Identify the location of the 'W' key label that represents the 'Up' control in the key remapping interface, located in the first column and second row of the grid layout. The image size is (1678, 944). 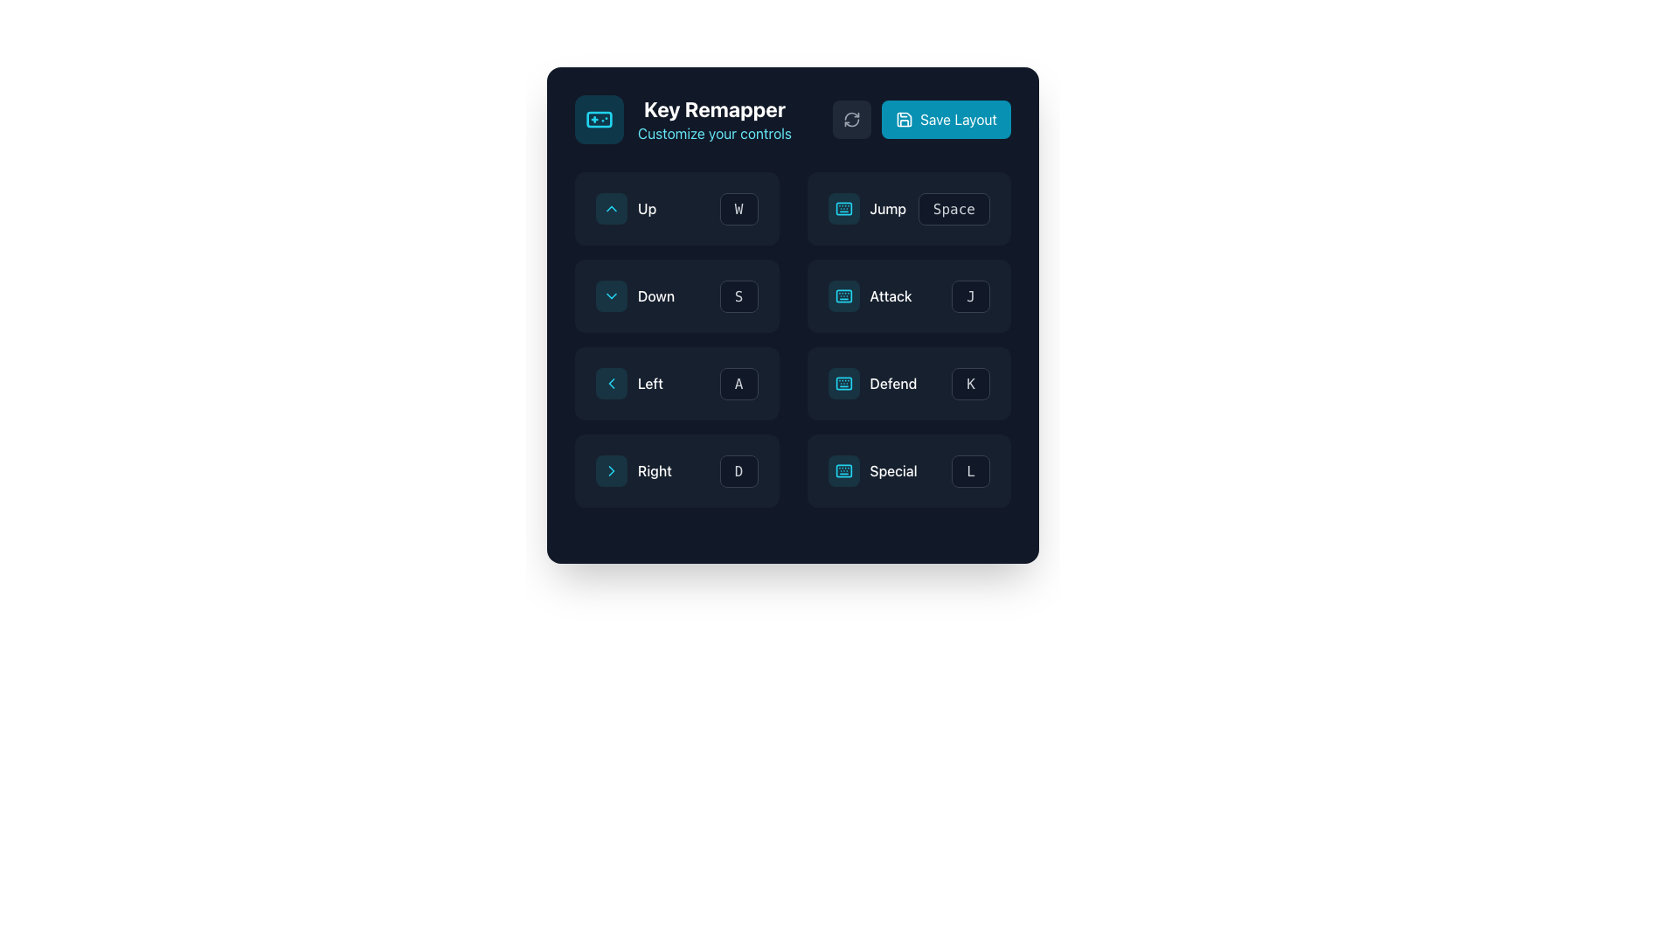
(738, 208).